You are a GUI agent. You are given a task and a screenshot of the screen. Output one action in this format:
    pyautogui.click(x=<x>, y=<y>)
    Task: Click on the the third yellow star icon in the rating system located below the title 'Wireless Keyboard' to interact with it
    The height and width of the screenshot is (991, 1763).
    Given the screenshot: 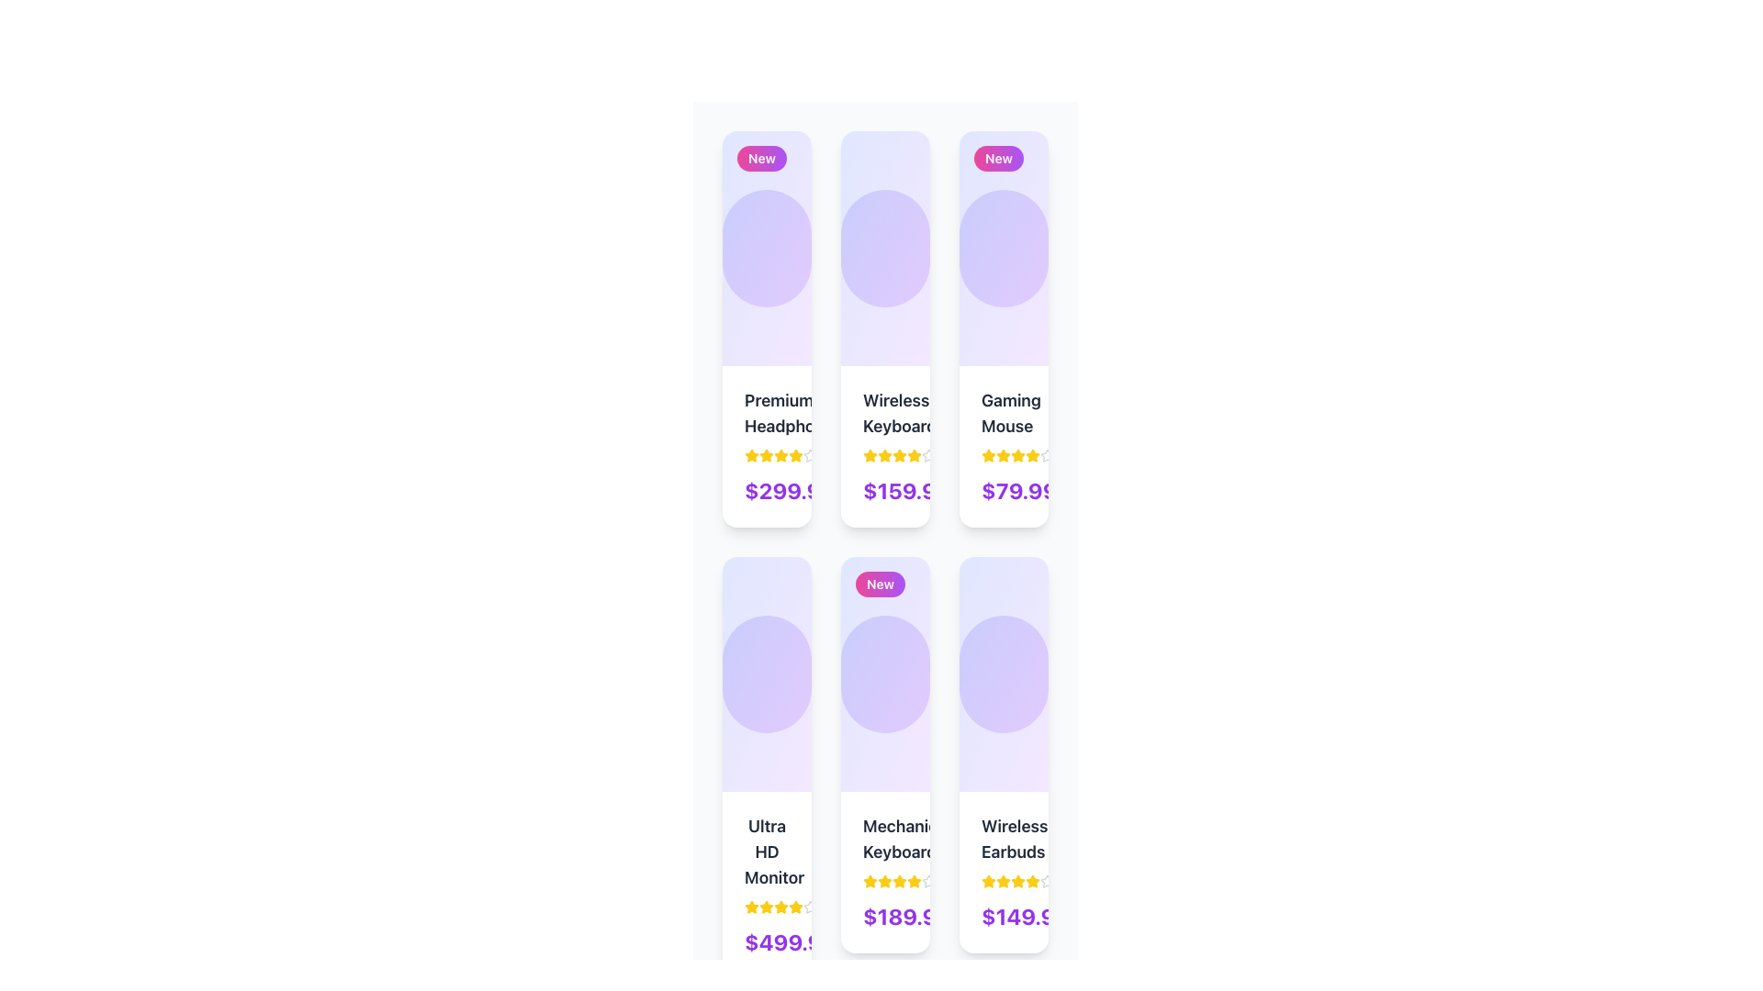 What is the action you would take?
    pyautogui.click(x=885, y=455)
    